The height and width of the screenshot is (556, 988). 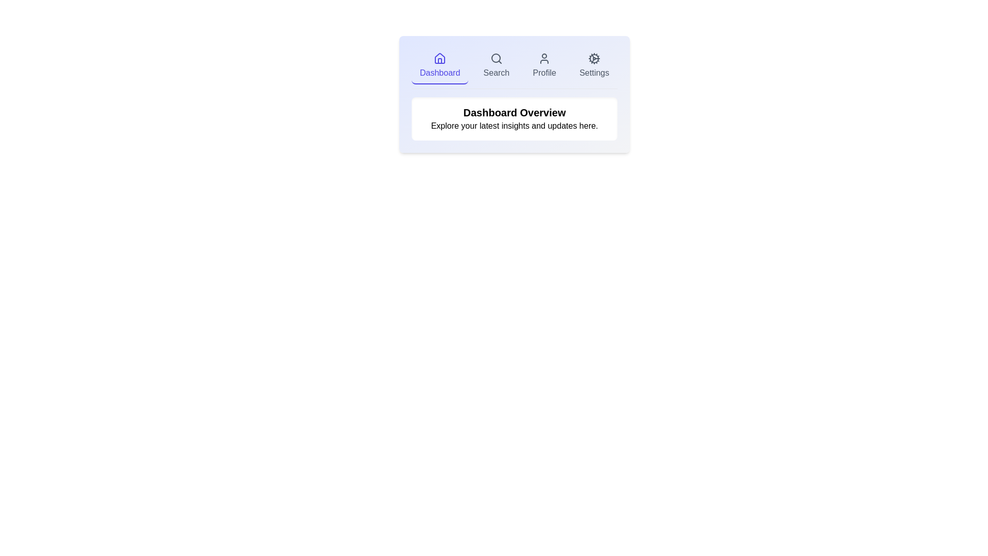 What do you see at coordinates (440, 66) in the screenshot?
I see `the 'Dashboard' button` at bounding box center [440, 66].